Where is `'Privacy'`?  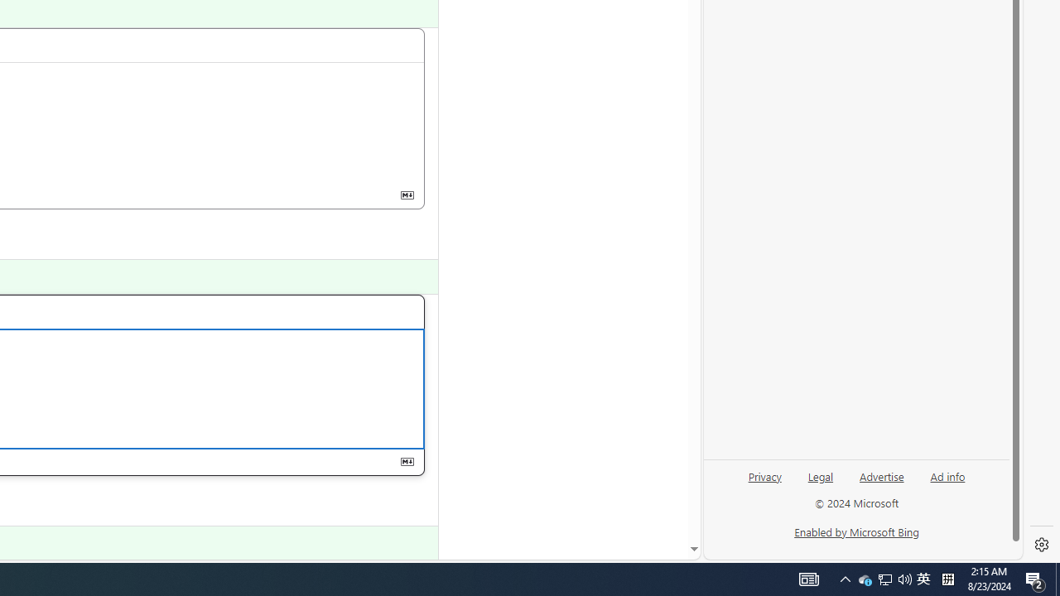
'Privacy' is located at coordinates (764, 483).